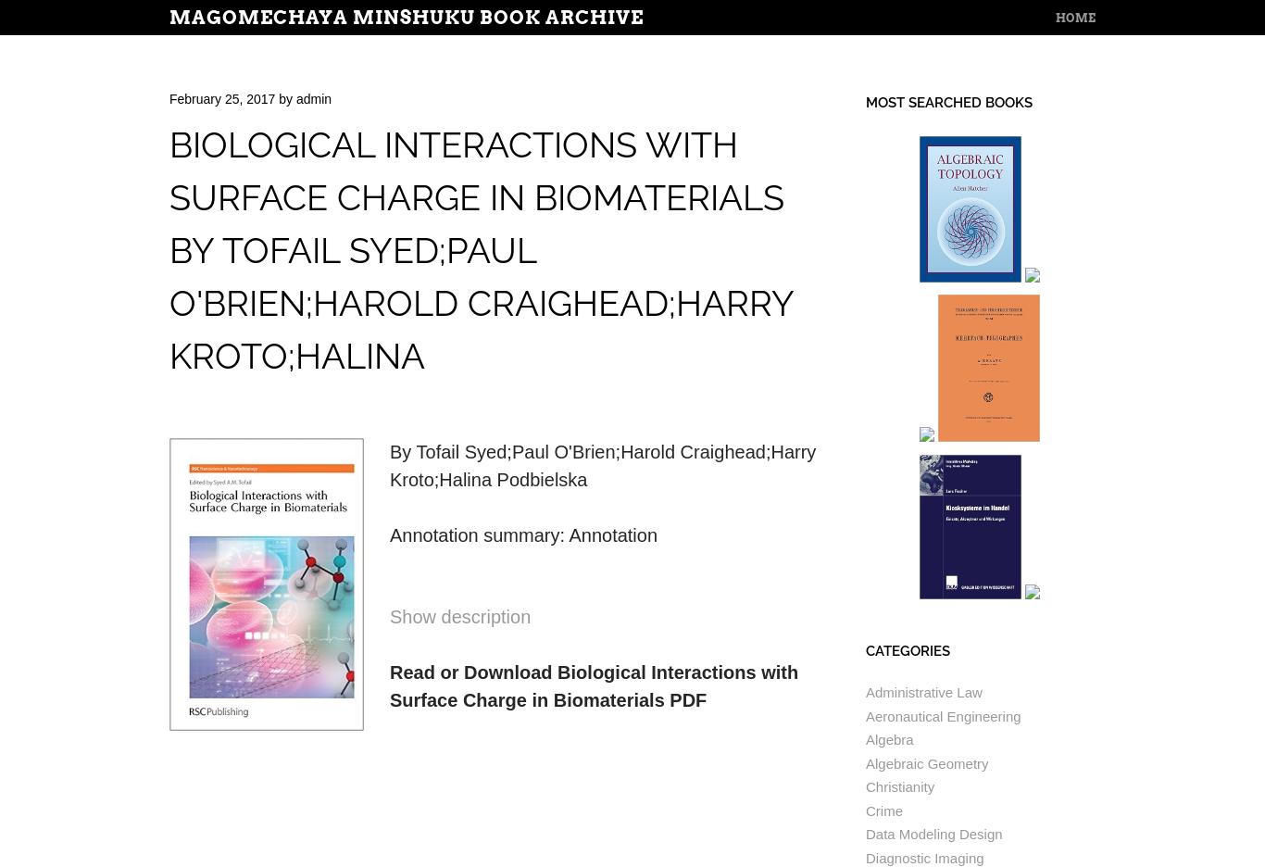  What do you see at coordinates (169, 249) in the screenshot?
I see `'Biological Interactions with Surface Charge in Biomaterials by Tofail Syed;Paul O'Brien;Harold Craighead;Harry Kroto;Halina'` at bounding box center [169, 249].